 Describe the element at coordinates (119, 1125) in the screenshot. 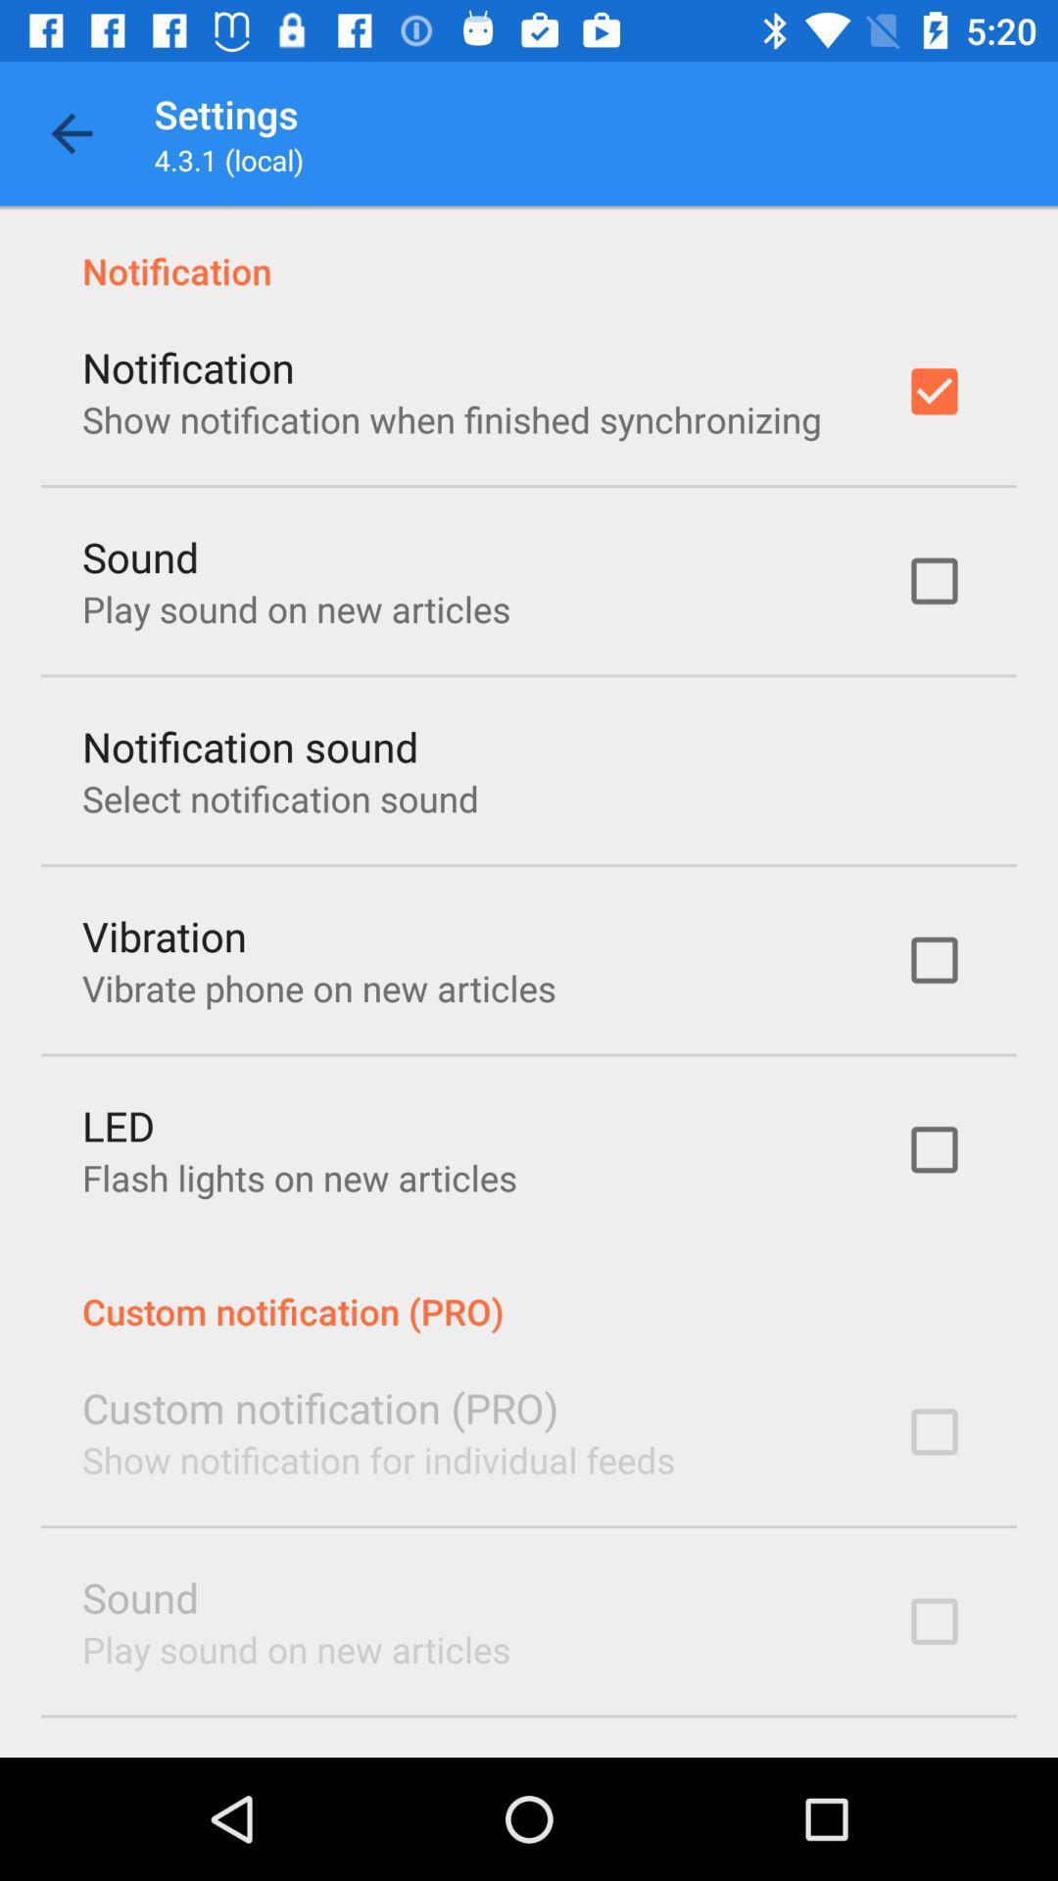

I see `the led icon` at that location.